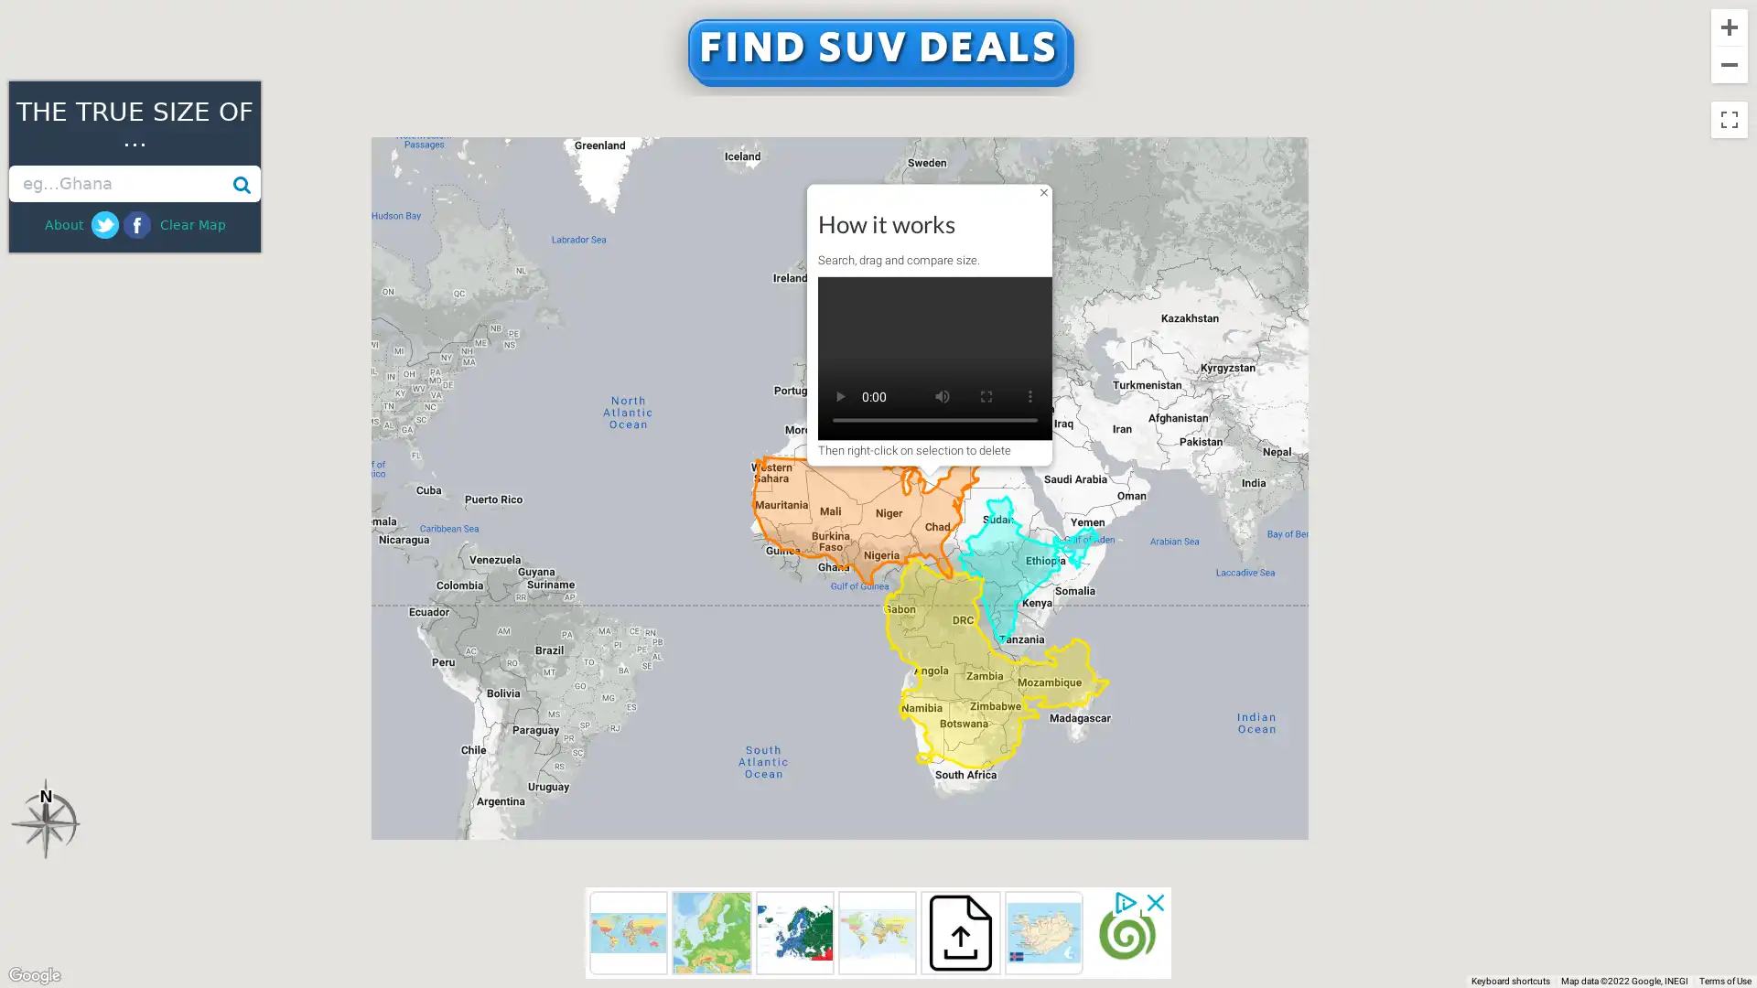  Describe the element at coordinates (943, 394) in the screenshot. I see `mute` at that location.